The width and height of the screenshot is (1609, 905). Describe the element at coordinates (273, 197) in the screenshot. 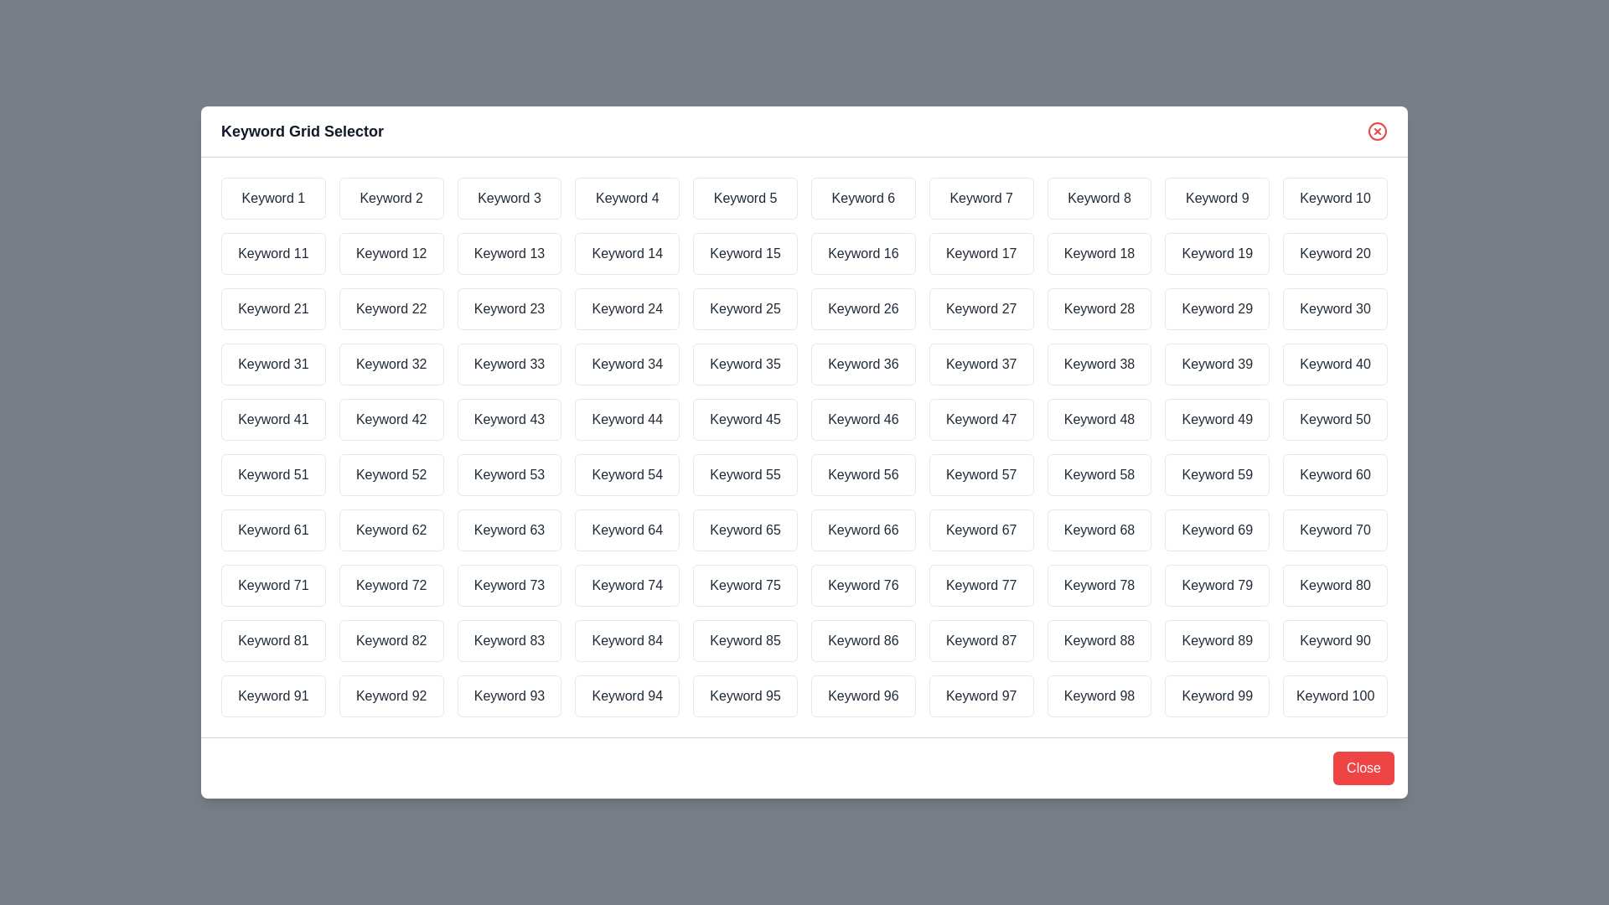

I see `the keyword Keyword 1 by clicking on it` at that location.